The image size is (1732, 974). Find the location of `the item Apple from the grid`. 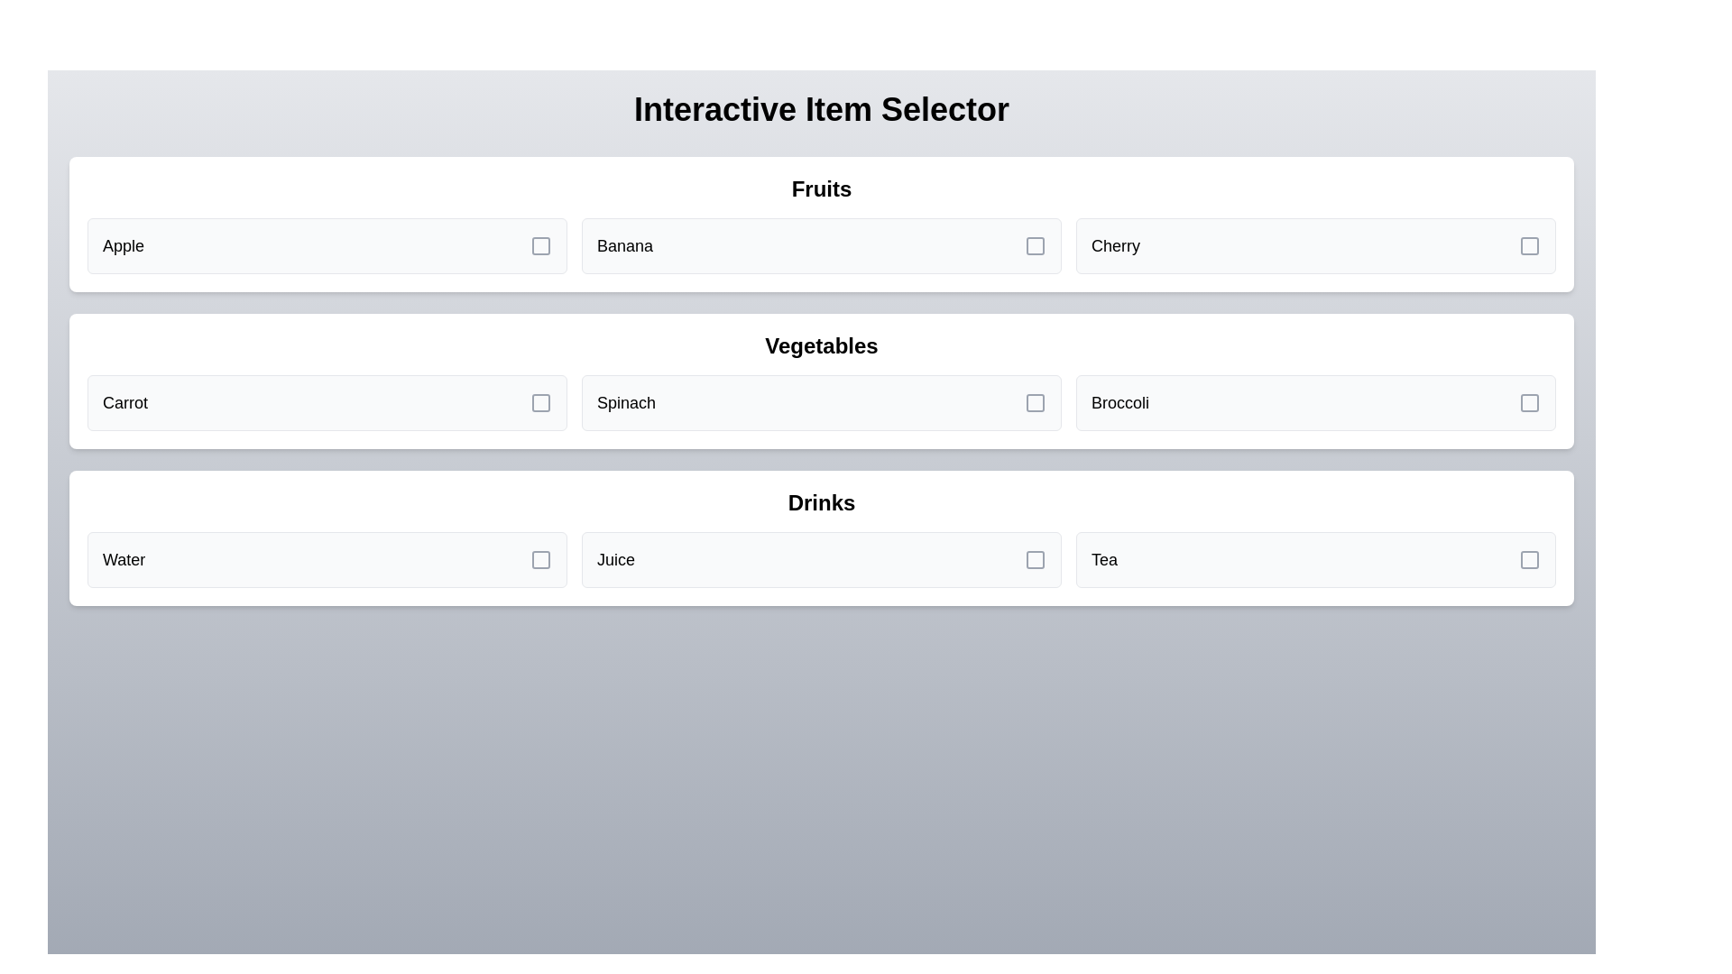

the item Apple from the grid is located at coordinates (327, 246).